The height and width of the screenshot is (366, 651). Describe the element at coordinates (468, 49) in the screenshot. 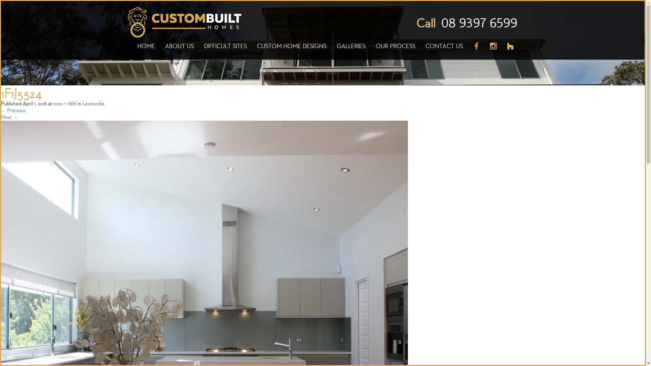

I see `'<span class="icon-facebook"></span>'` at that location.